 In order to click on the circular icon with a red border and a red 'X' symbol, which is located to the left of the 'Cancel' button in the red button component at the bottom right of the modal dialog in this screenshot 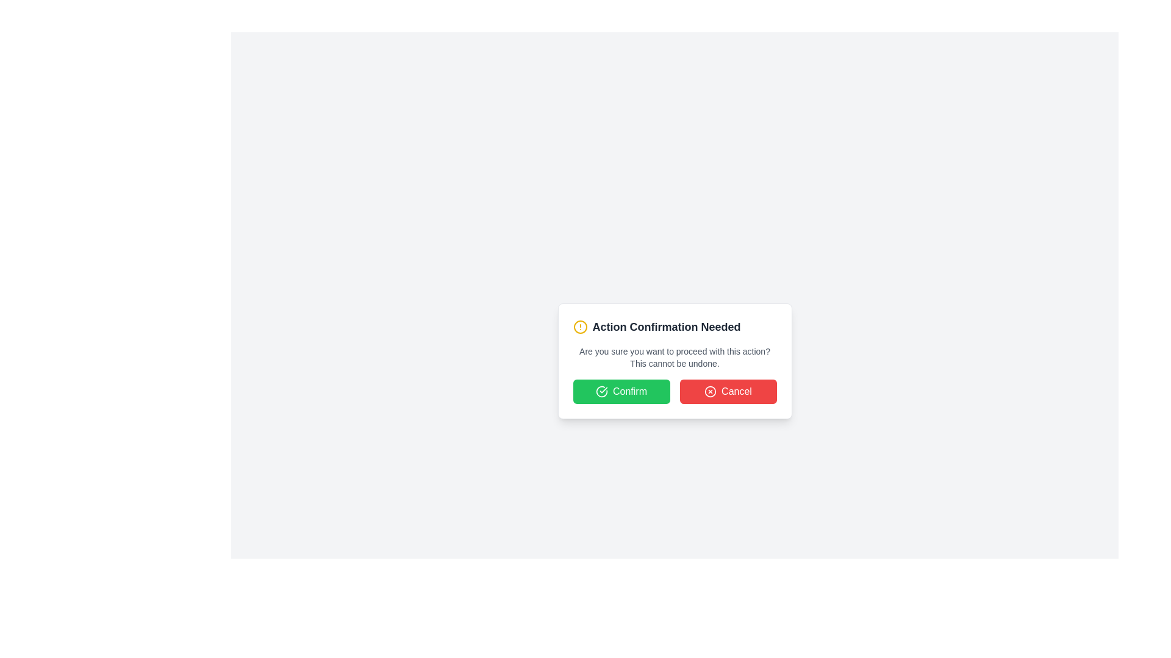, I will do `click(711, 392)`.